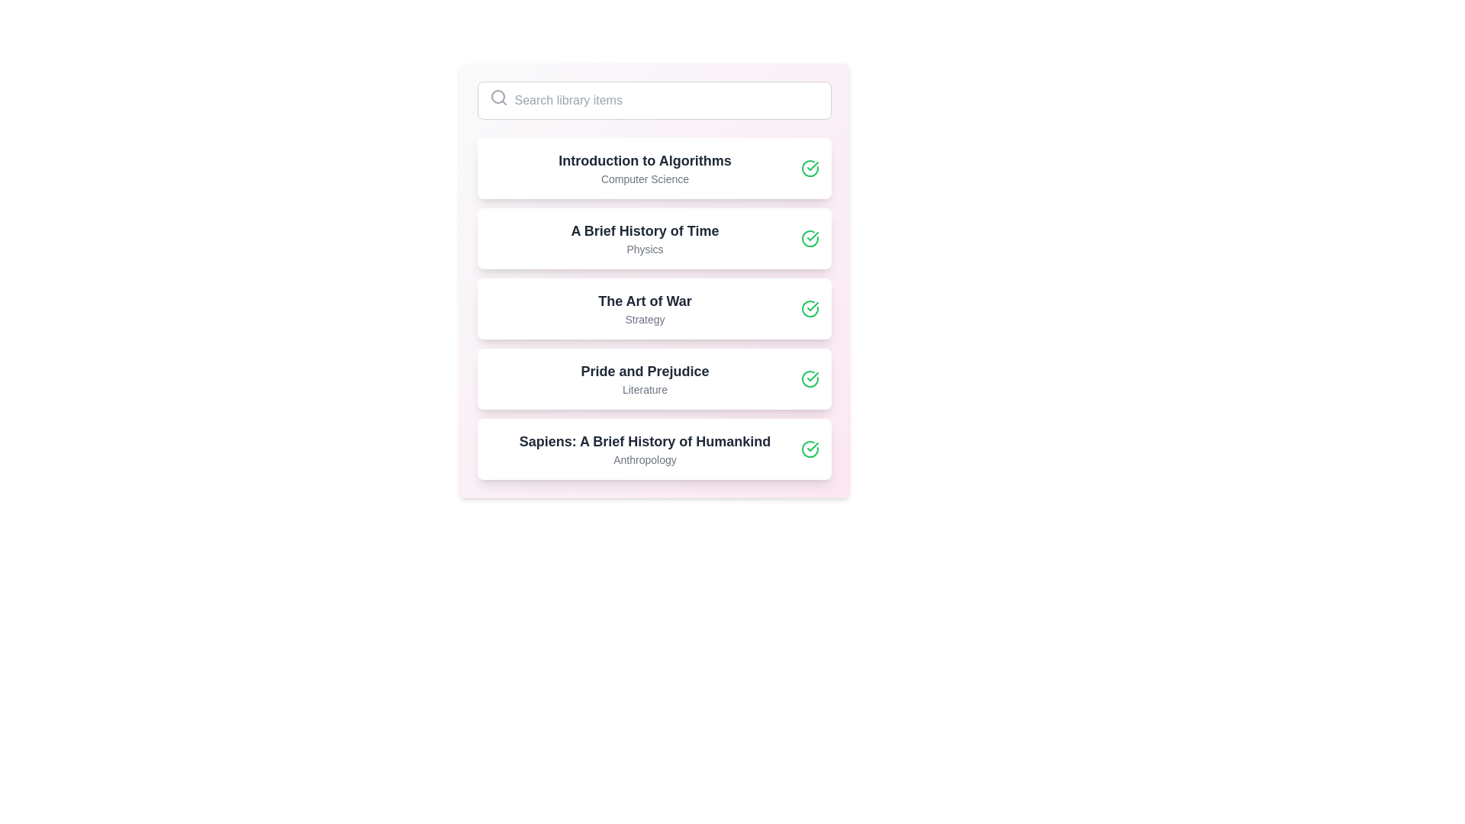 The width and height of the screenshot is (1465, 824). Describe the element at coordinates (654, 238) in the screenshot. I see `displayed text on the information card for the book titled 'A Brief History of Time' in the library item section` at that location.